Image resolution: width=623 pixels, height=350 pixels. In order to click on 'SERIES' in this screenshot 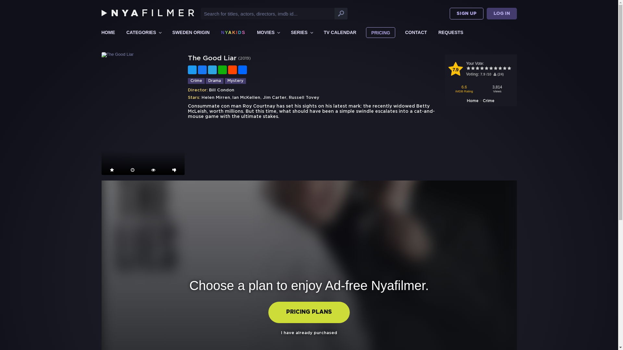, I will do `click(301, 32)`.